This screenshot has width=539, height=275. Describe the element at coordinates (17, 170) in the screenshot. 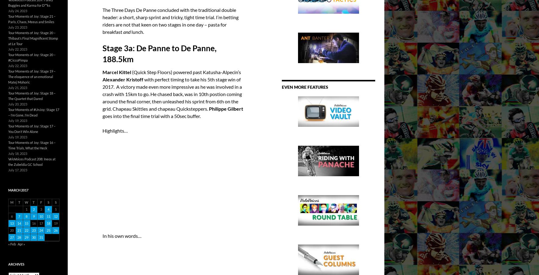

I see `'July 17, 2023'` at that location.